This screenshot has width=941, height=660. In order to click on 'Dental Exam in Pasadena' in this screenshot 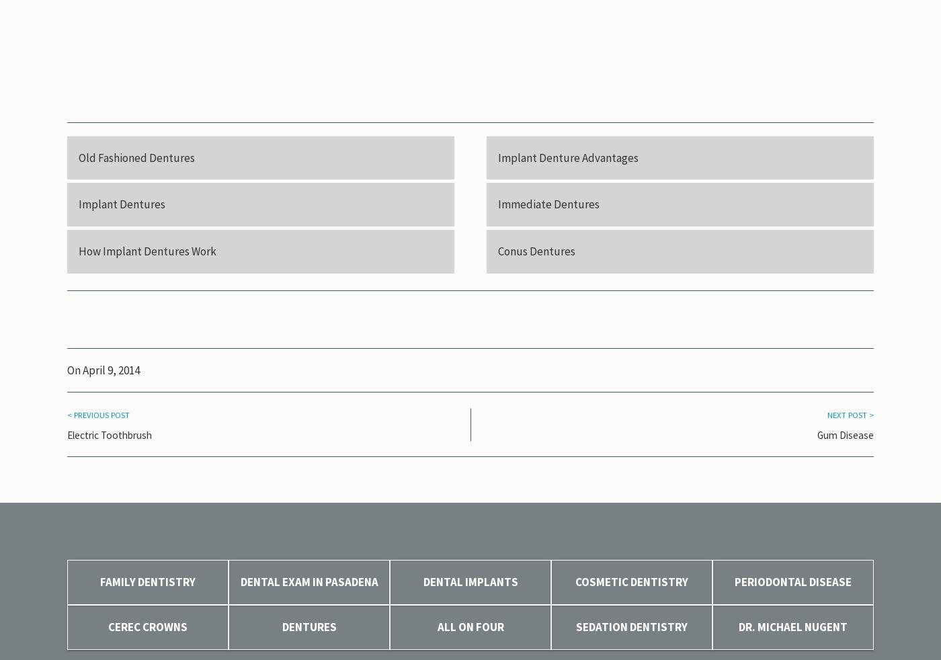, I will do `click(309, 582)`.